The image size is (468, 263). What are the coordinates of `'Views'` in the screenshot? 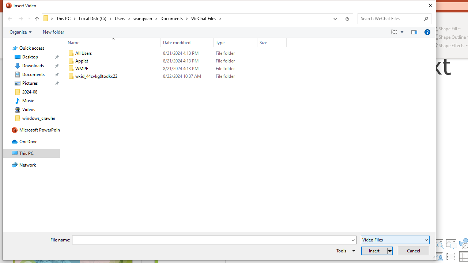 It's located at (399, 31).